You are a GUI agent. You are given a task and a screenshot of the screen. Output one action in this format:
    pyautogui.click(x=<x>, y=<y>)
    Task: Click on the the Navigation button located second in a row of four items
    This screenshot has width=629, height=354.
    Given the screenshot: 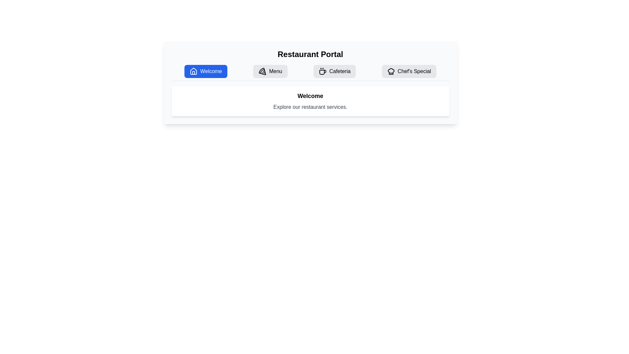 What is the action you would take?
    pyautogui.click(x=270, y=71)
    